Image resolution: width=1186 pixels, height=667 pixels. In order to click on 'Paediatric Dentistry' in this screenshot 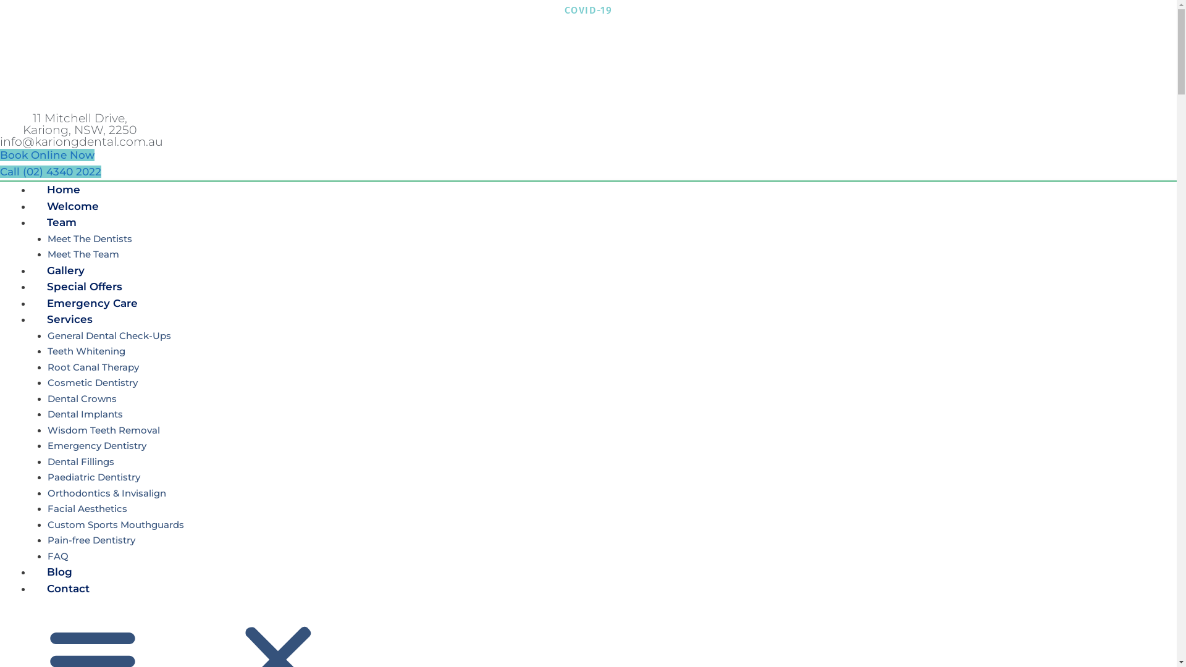, I will do `click(92, 476)`.